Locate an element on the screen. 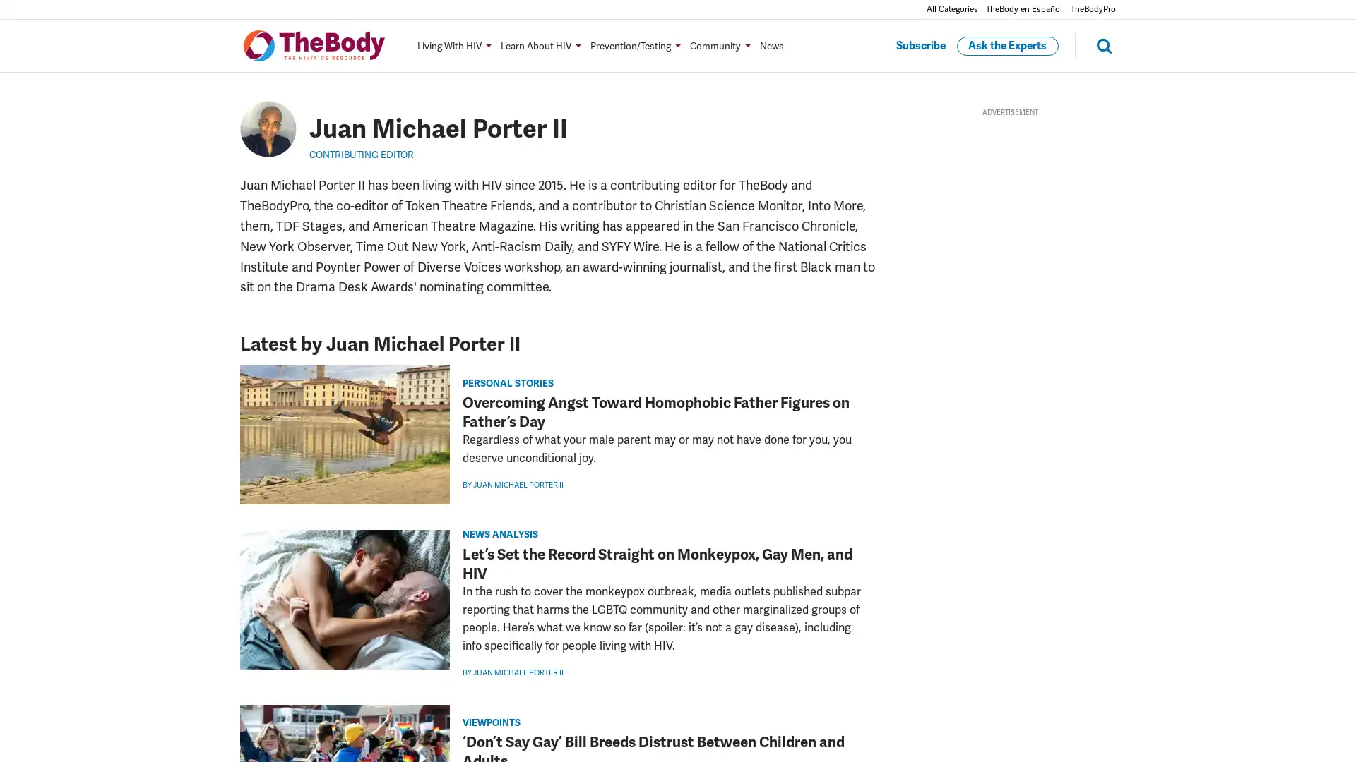  toggle-search-input is located at coordinates (1094, 44).